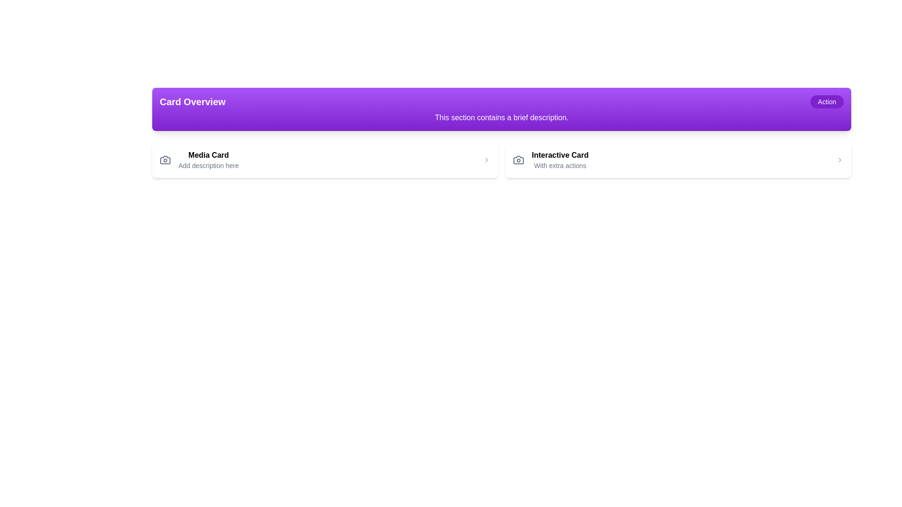 The width and height of the screenshot is (902, 507). I want to click on the Text Label that reads 'With extra actions', which is styled in a smaller gray font and positioned beneath the 'Interactive Card' text, so click(560, 165).